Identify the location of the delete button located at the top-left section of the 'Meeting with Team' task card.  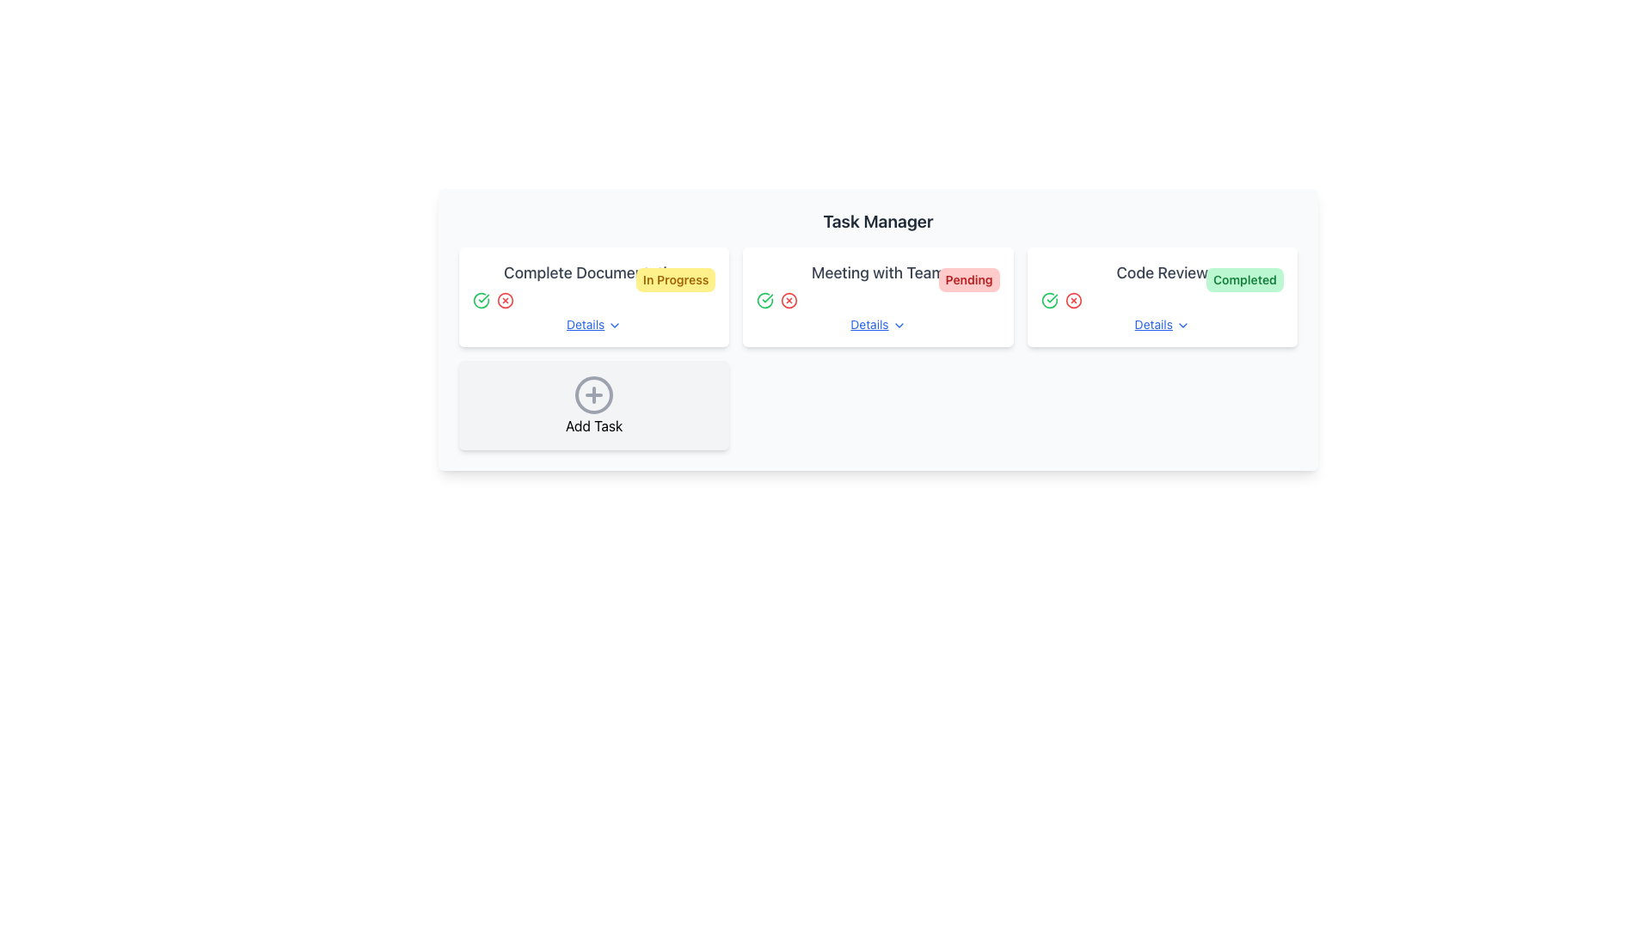
(789, 300).